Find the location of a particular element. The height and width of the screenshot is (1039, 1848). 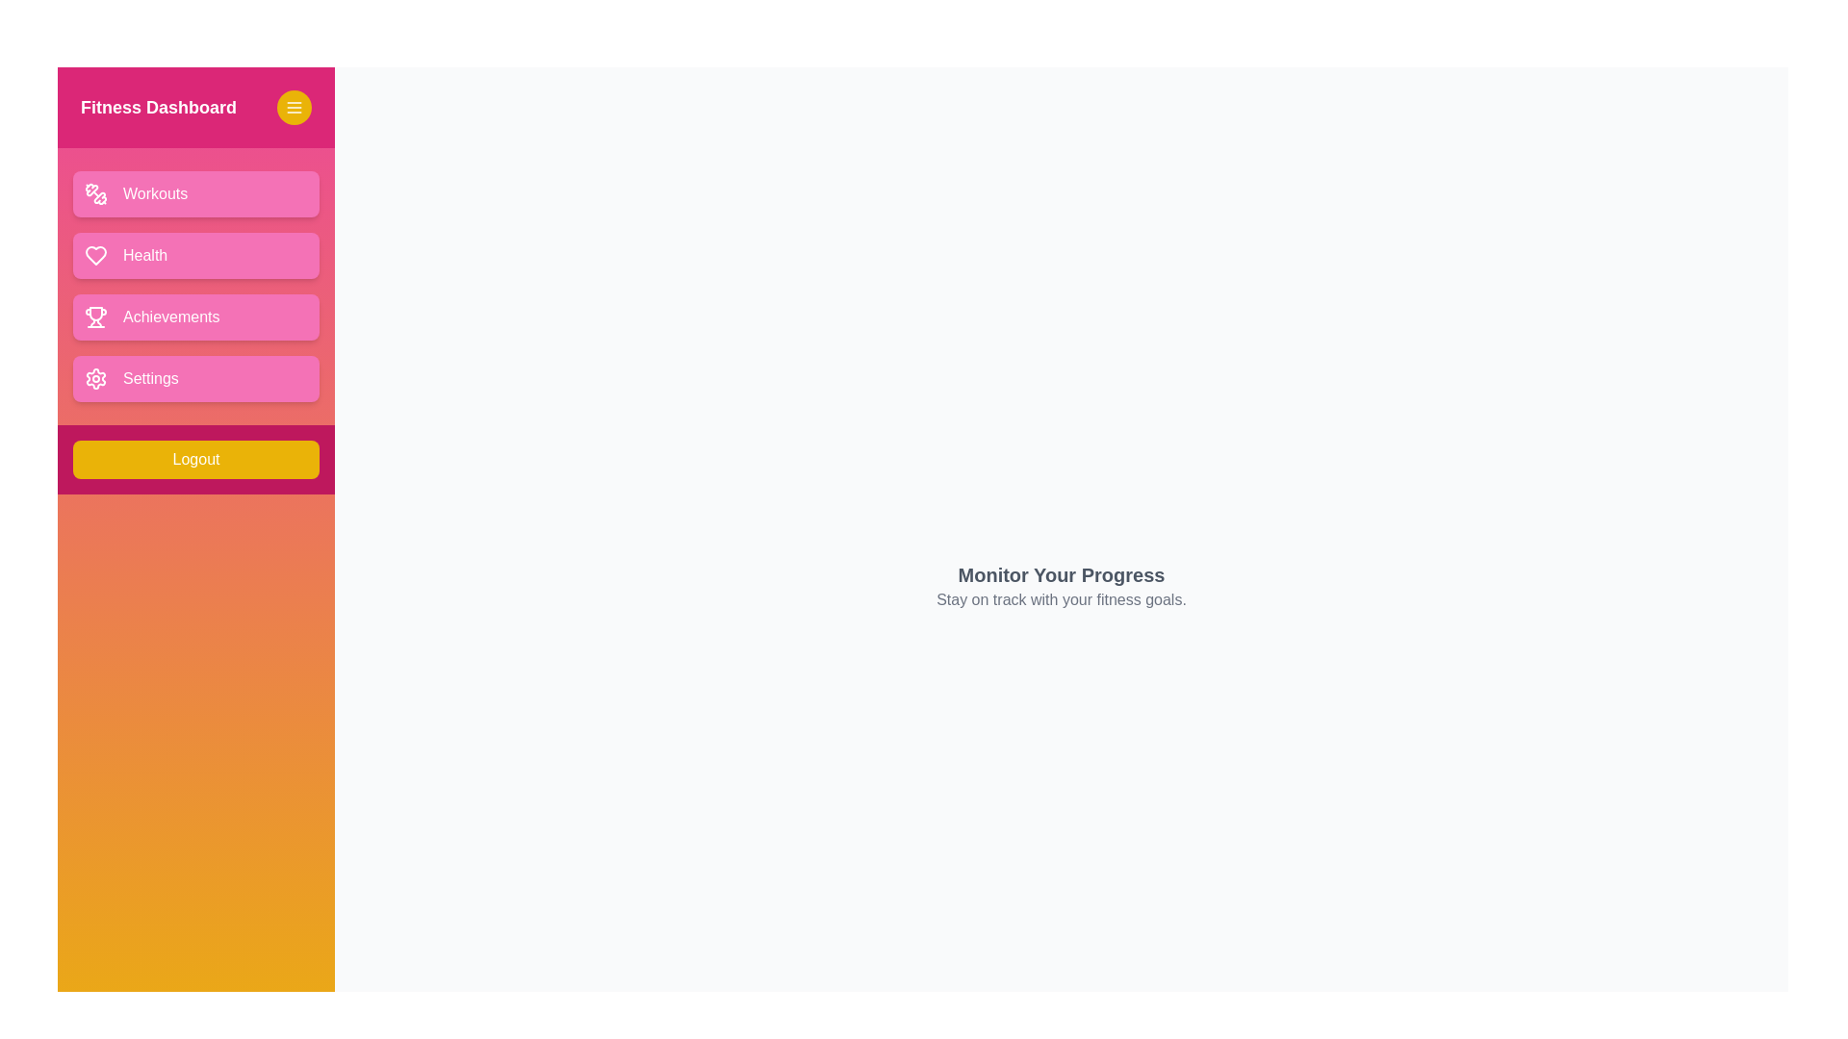

the 'Achievements' button is located at coordinates (195, 317).